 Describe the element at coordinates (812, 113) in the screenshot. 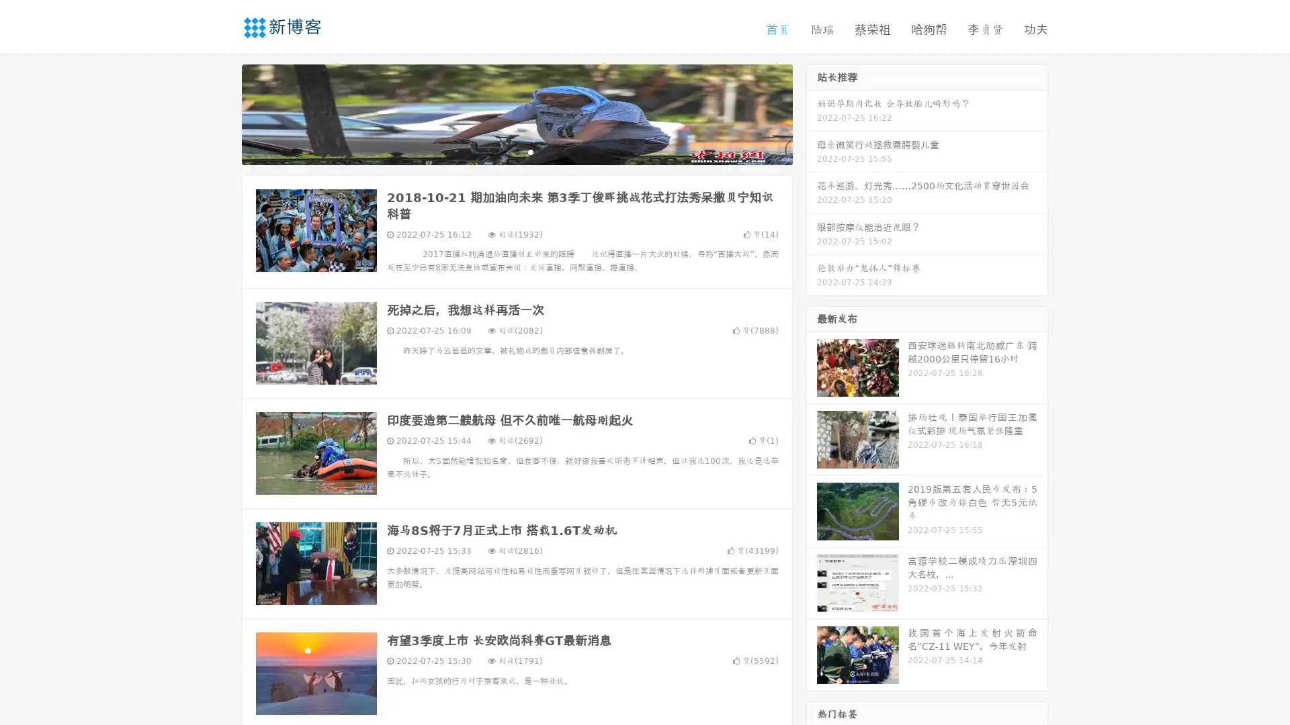

I see `Next slide` at that location.